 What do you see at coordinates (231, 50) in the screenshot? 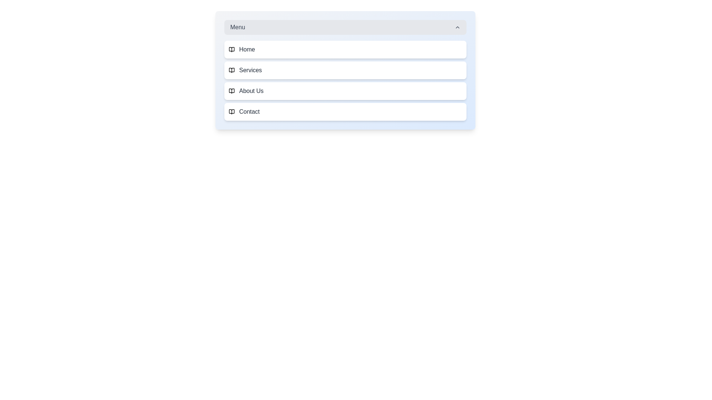
I see `the 'Home' menu icon represented as an open book SVG located at the top left of the menu panel` at bounding box center [231, 50].